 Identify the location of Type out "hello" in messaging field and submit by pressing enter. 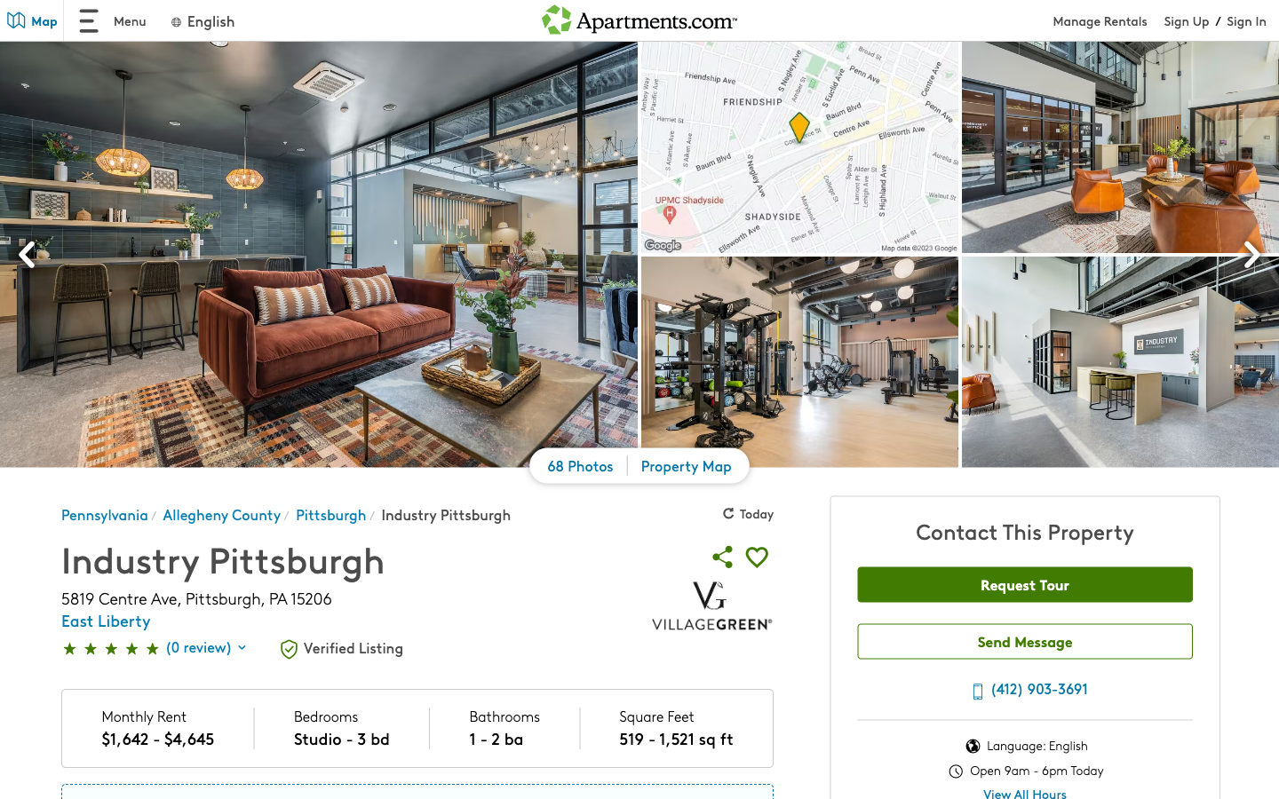
(1025, 644).